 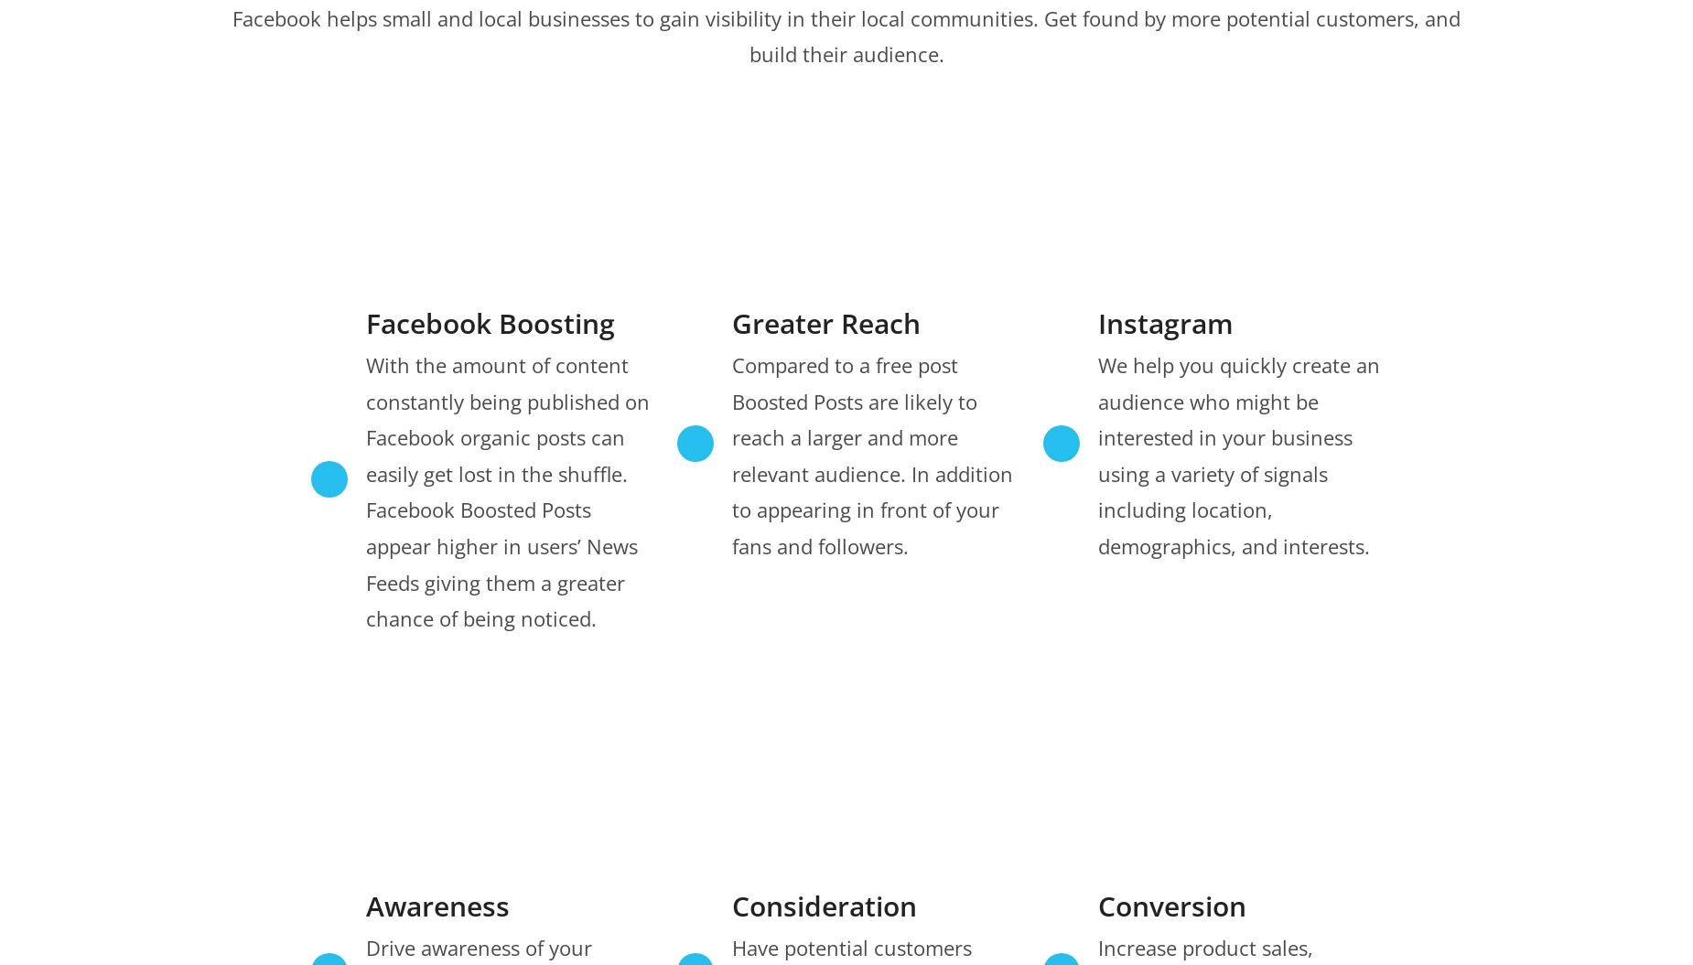 What do you see at coordinates (508, 490) in the screenshot?
I see `'With the amount of content constantly being published on Facebook organic posts can easily get lost in the shuffle. Facebook Boosted Posts appear higher in users’ News Feeds giving them a greater chance of being noticed.'` at bounding box center [508, 490].